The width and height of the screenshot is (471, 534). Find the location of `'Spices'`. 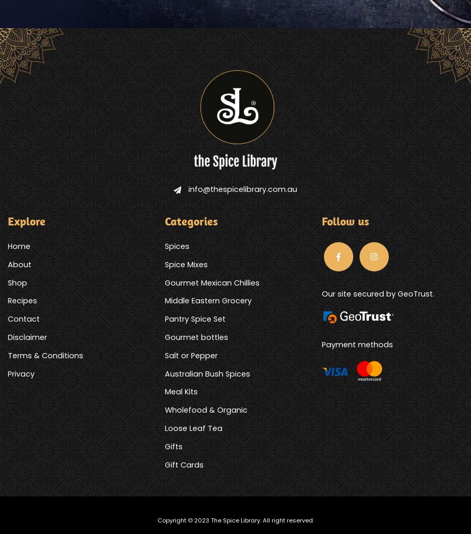

'Spices' is located at coordinates (176, 245).